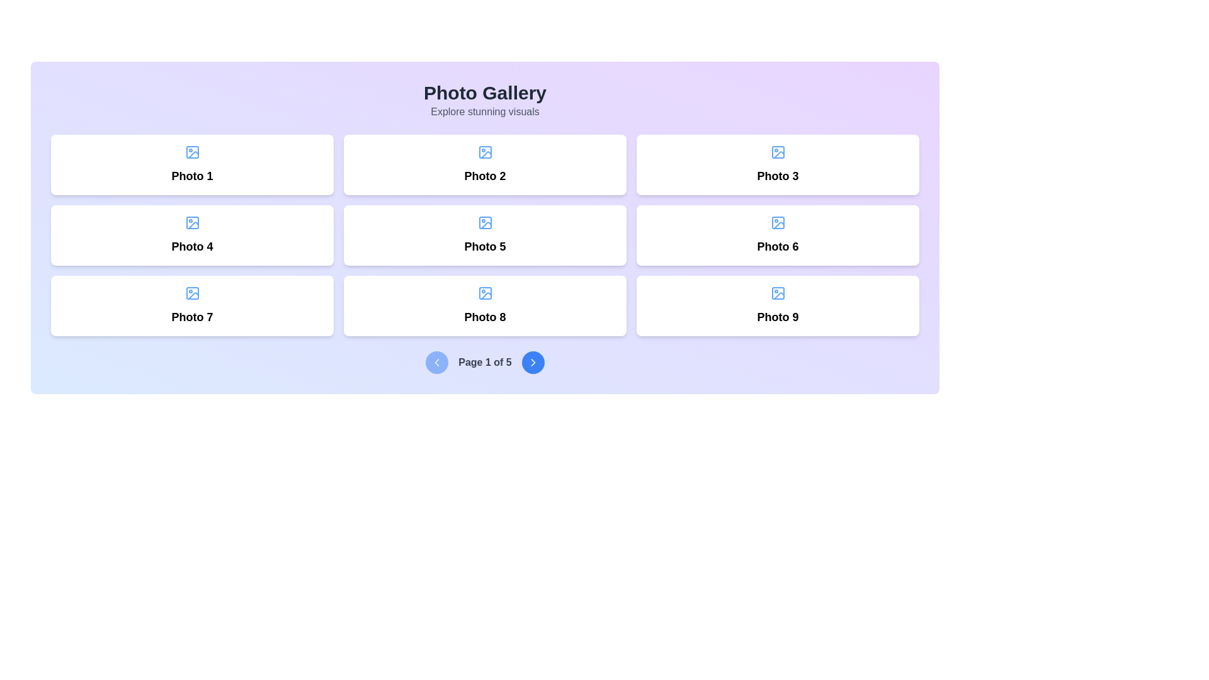 This screenshot has width=1209, height=680. Describe the element at coordinates (484, 293) in the screenshot. I see `the image placeholder icon with a blue outline located in the 'Photo 8' card in the bottom row and middle column of the photo grid` at that location.